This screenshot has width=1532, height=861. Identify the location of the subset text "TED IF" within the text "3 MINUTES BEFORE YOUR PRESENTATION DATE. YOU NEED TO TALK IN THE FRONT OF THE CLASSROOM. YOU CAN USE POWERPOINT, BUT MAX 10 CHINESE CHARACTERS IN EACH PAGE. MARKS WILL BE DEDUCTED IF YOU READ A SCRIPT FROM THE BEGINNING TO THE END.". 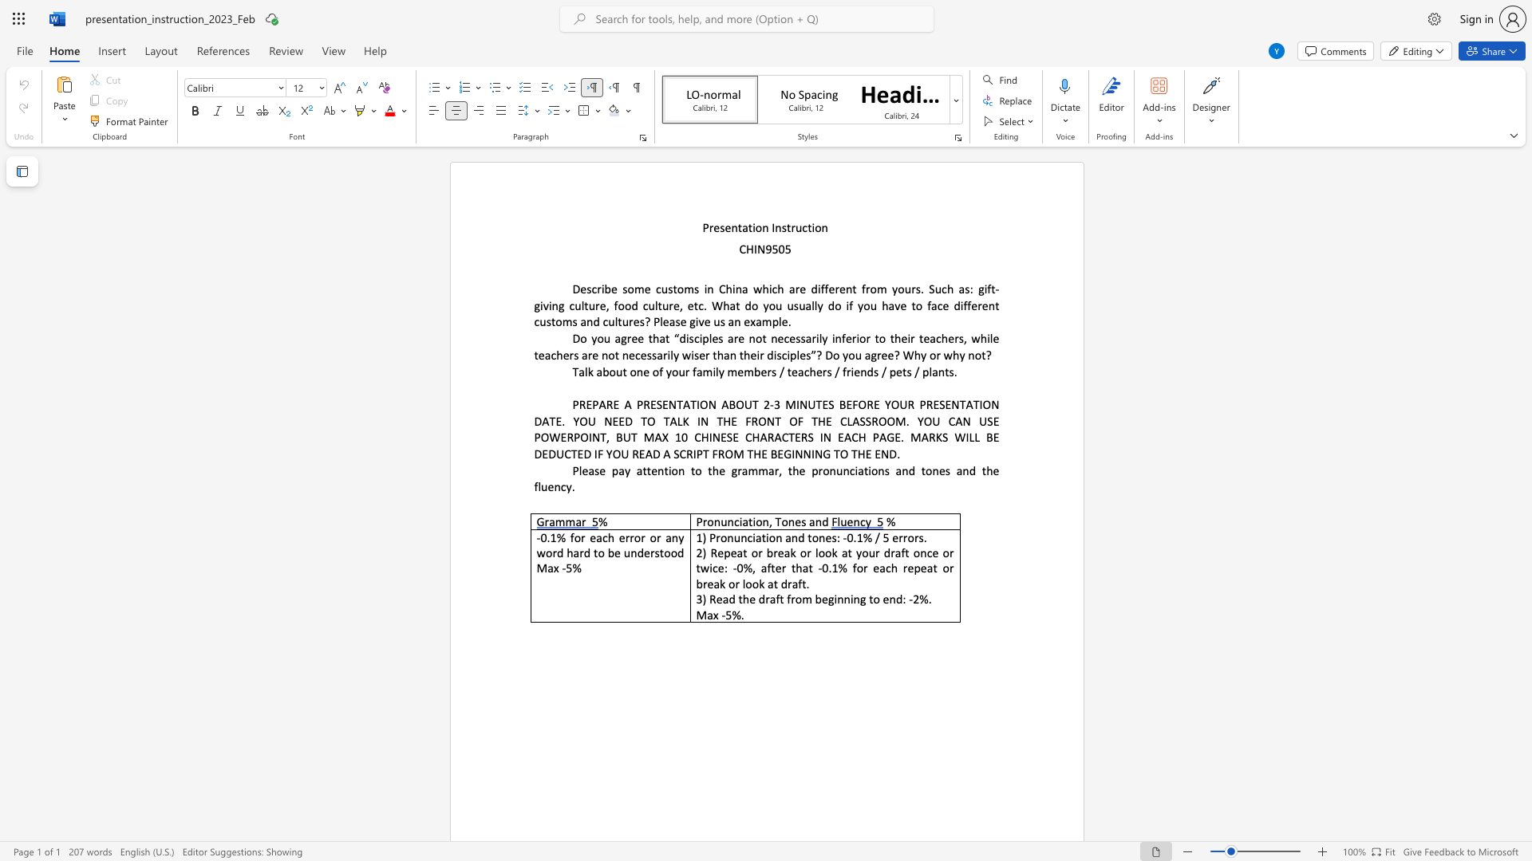
(571, 454).